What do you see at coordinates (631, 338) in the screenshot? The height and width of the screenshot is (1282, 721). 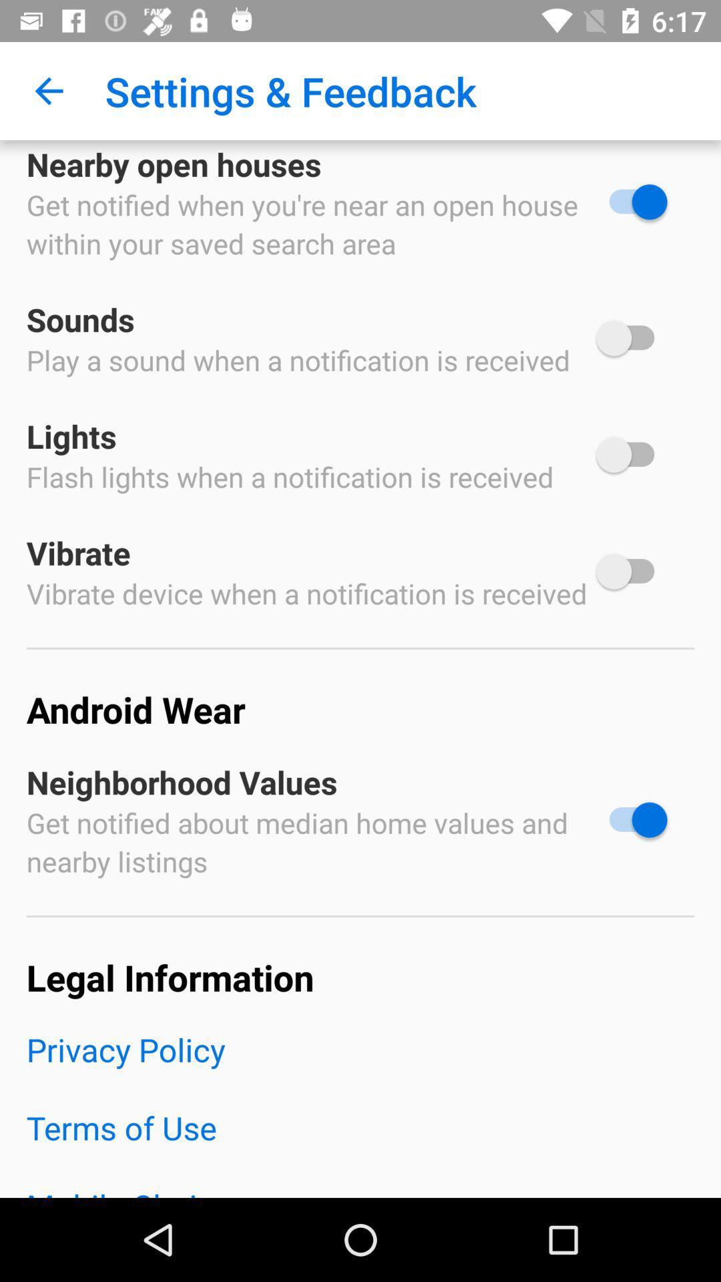 I see `switch sound option` at bounding box center [631, 338].